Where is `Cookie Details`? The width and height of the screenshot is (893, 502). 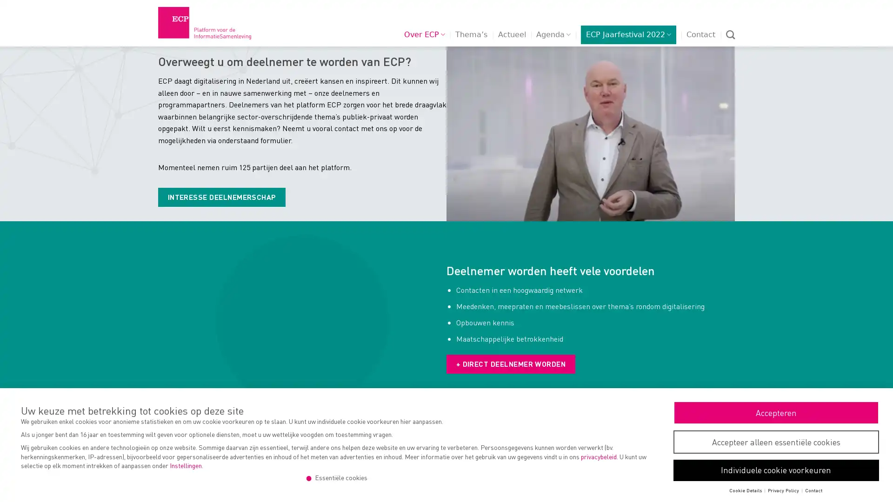
Cookie Details is located at coordinates (746, 489).